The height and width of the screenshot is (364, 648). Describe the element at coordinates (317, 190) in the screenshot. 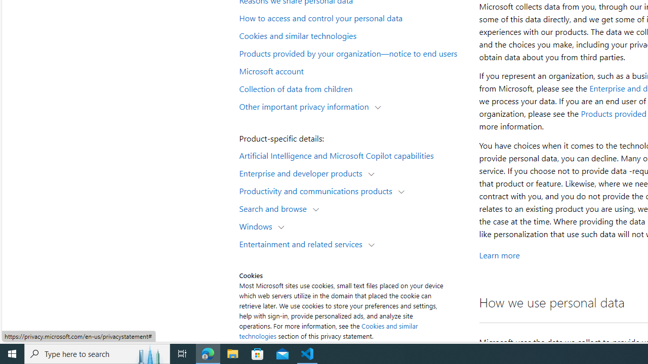

I see `'Productivity and communications products'` at that location.